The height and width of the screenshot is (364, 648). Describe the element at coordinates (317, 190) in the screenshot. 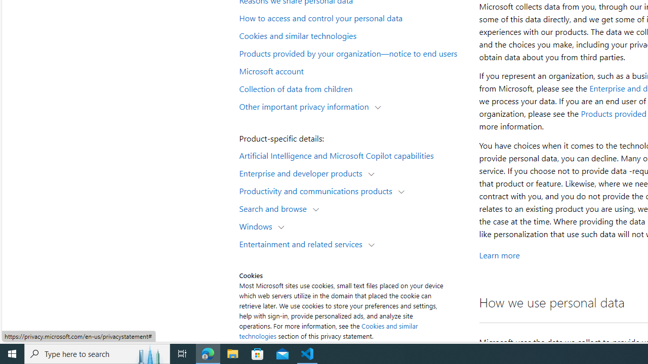

I see `'Productivity and communications products'` at that location.